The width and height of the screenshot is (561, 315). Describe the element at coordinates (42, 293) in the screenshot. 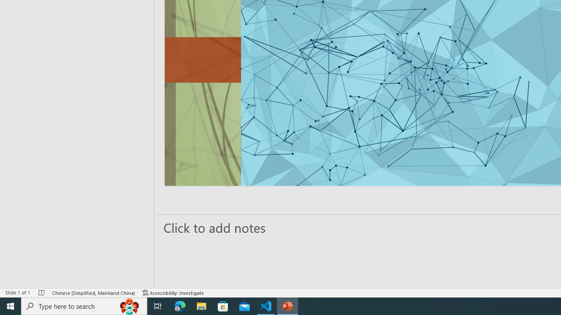

I see `'Spell Check No Errors'` at that location.